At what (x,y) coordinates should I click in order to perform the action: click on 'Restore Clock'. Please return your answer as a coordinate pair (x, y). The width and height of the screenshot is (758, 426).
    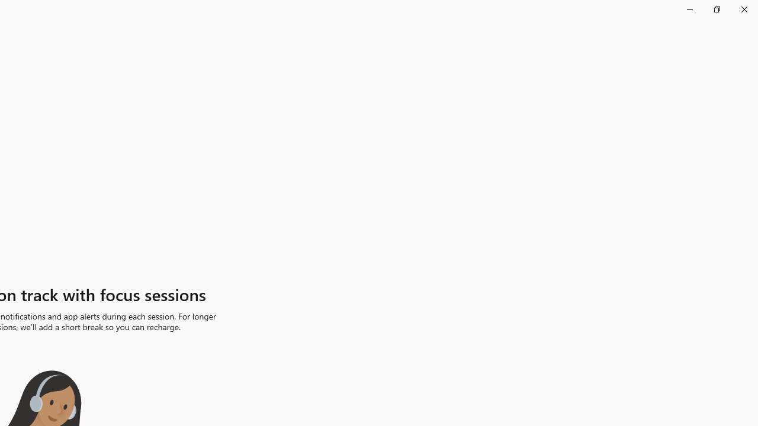
    Looking at the image, I should click on (716, 9).